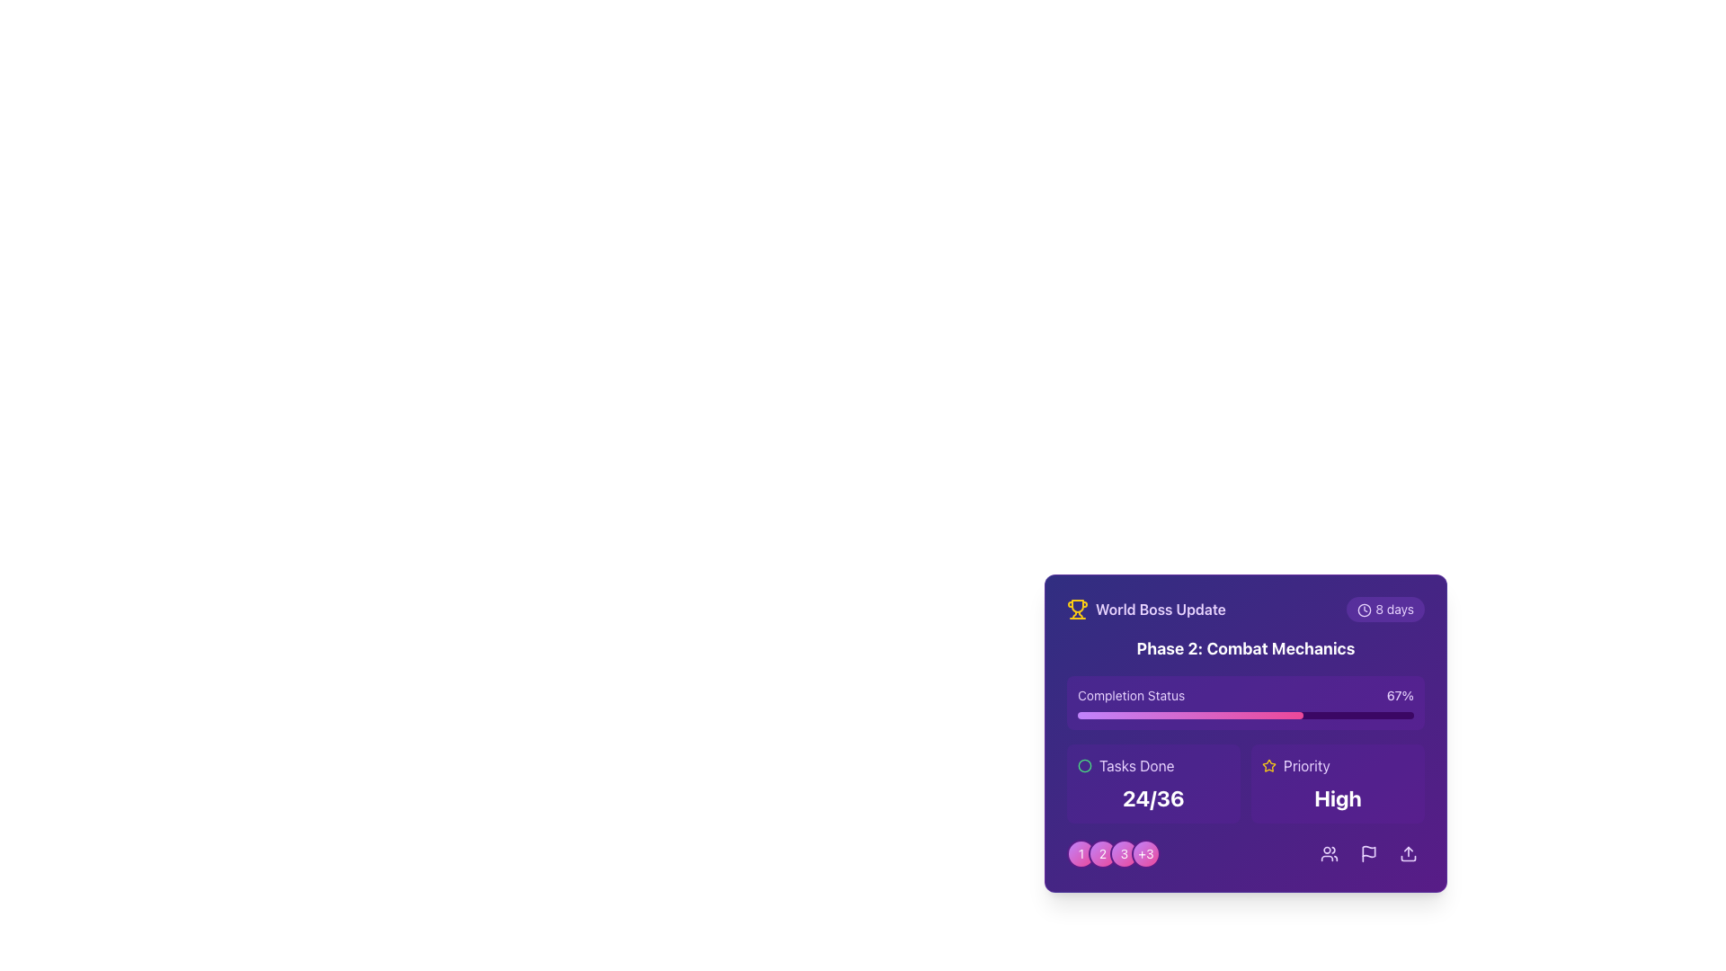  Describe the element at coordinates (1245, 714) in the screenshot. I see `the horizontal progress bar with a purple background and a gradient fill, indicating a filled percentage of 67%, located centrally within the card below 'Completion Status 67%'` at that location.